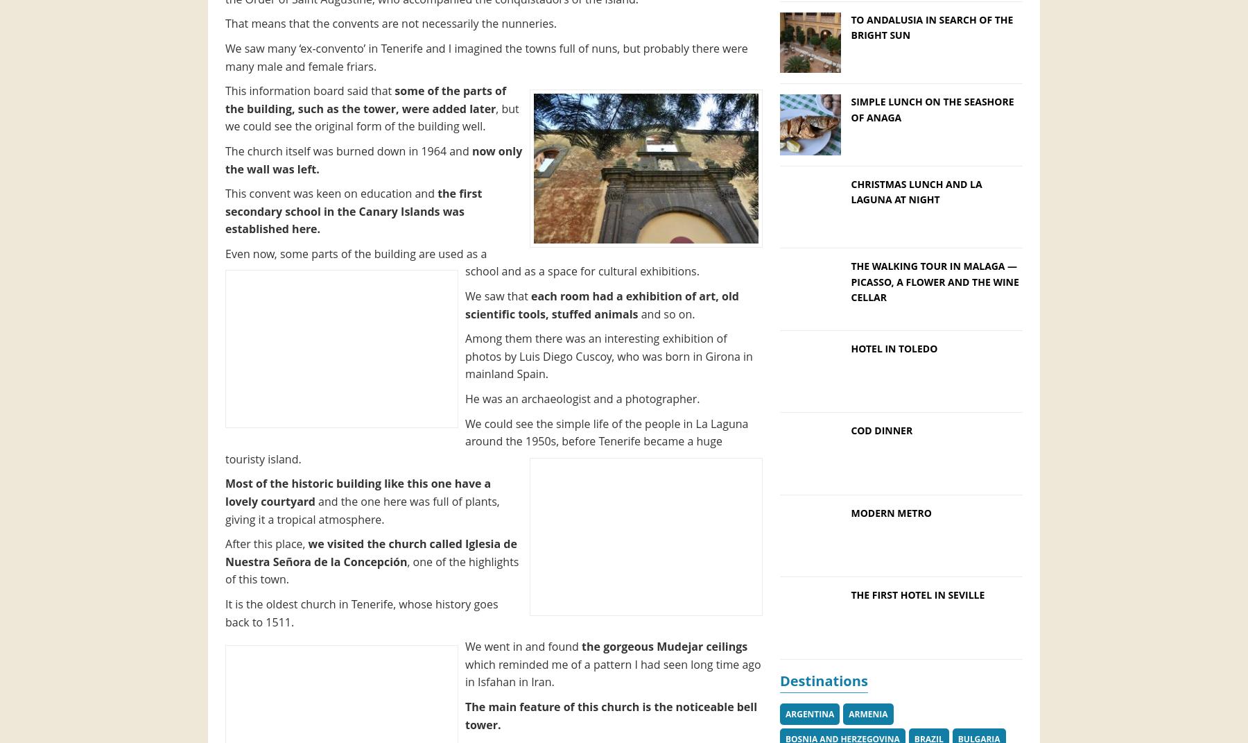  I want to click on 'That means that the convents are not necessarily the nunneries.', so click(390, 22).